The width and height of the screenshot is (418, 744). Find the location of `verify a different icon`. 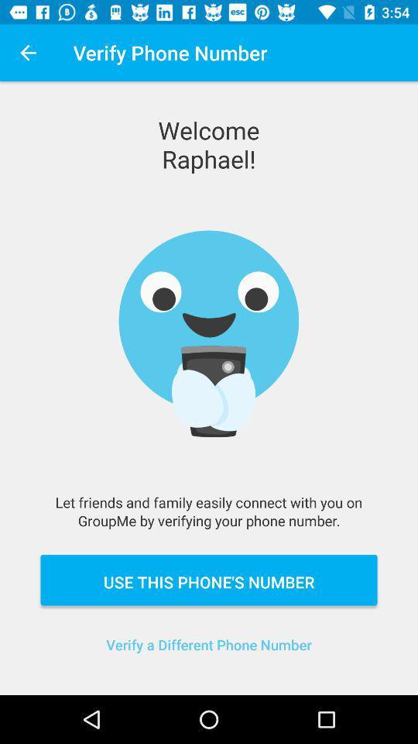

verify a different icon is located at coordinates (209, 653).